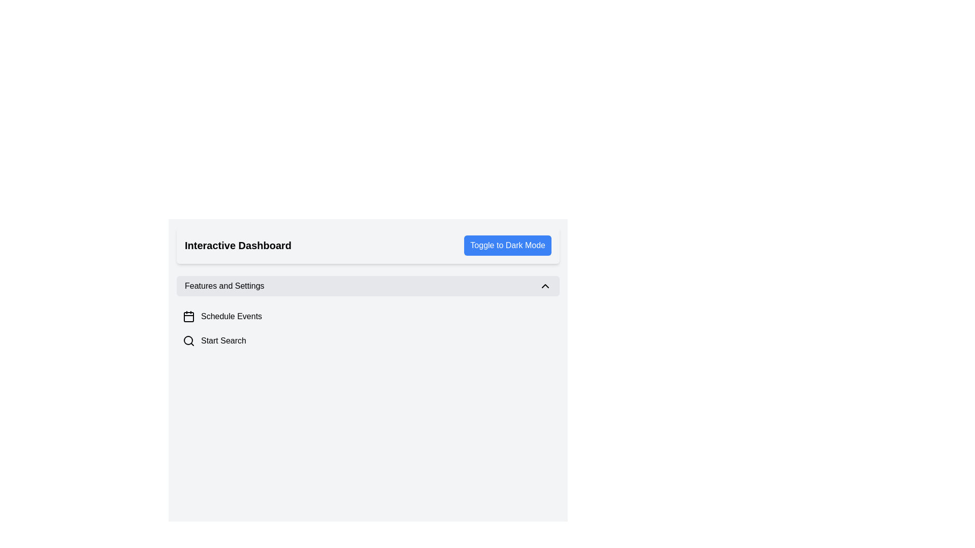  Describe the element at coordinates (189, 316) in the screenshot. I see `the calendar-shaped icon in the menu item labeled 'Schedule Events'` at that location.